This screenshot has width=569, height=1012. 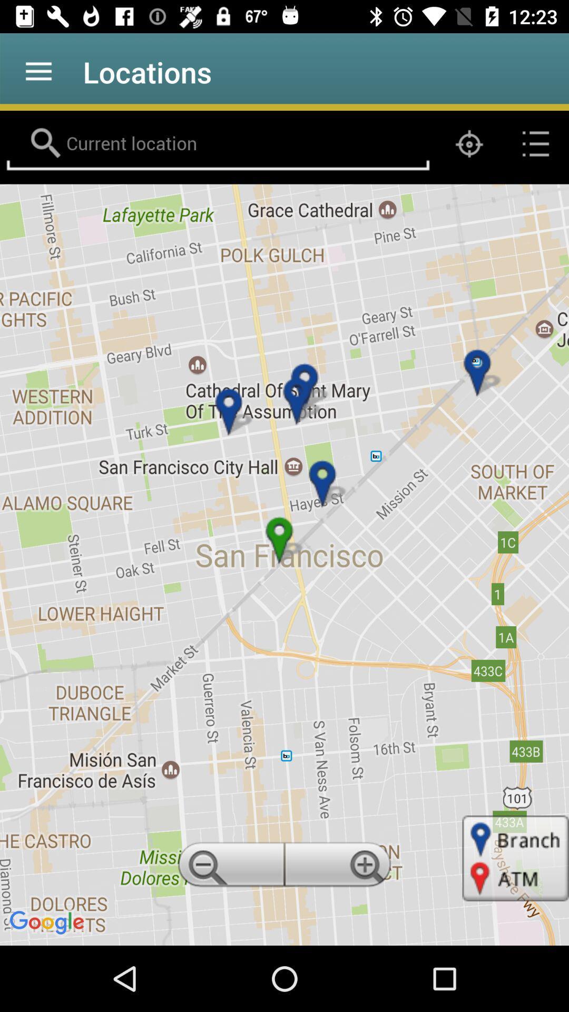 I want to click on the list icon, so click(x=536, y=143).